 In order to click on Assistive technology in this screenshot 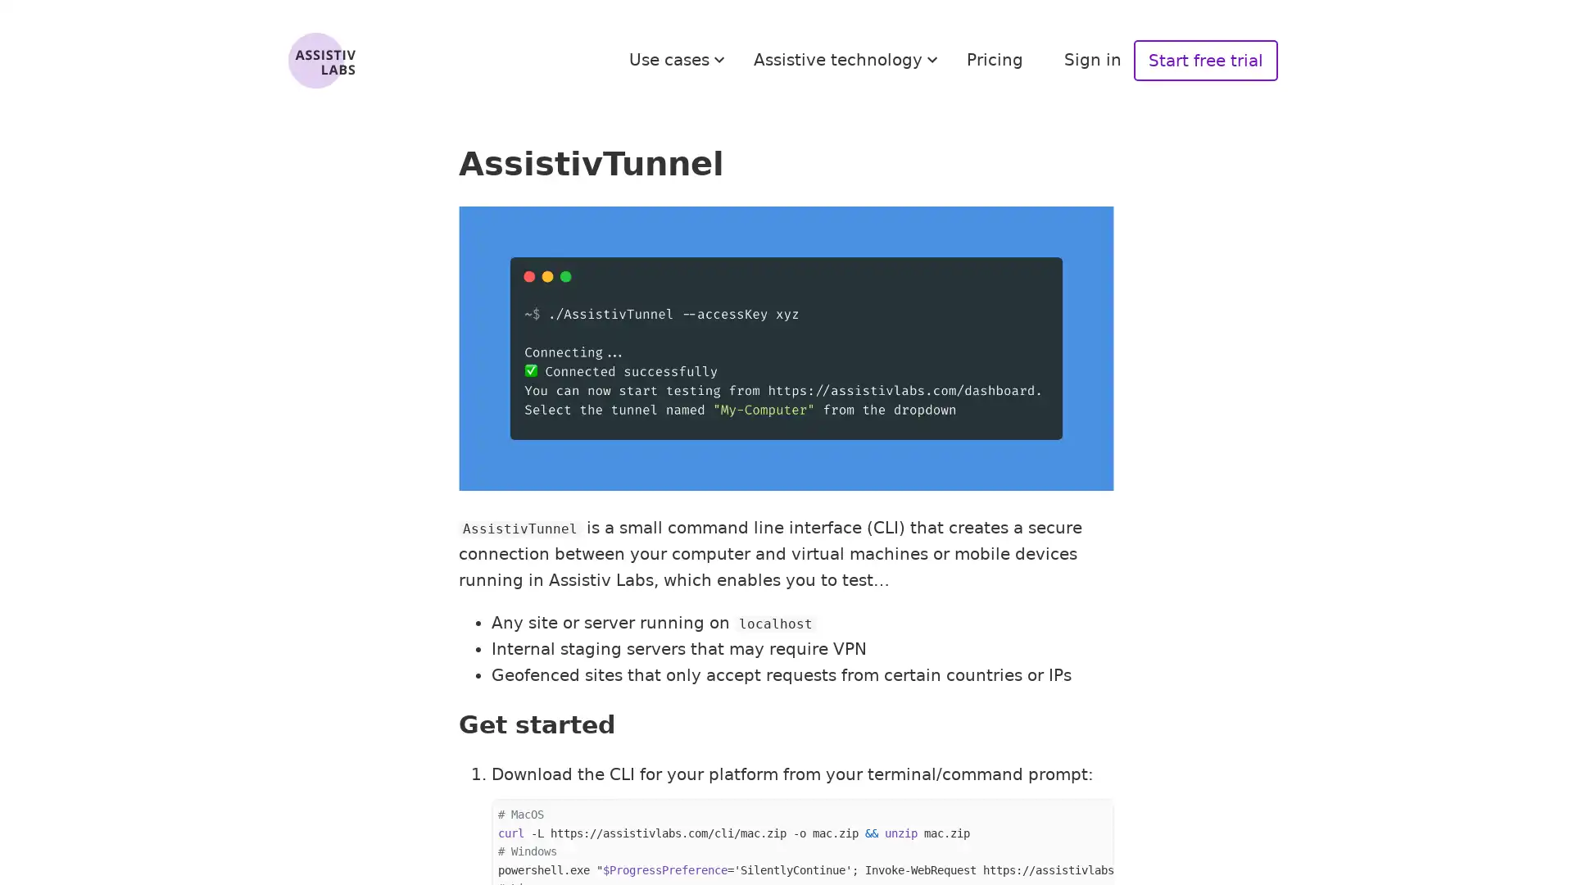, I will do `click(848, 59)`.